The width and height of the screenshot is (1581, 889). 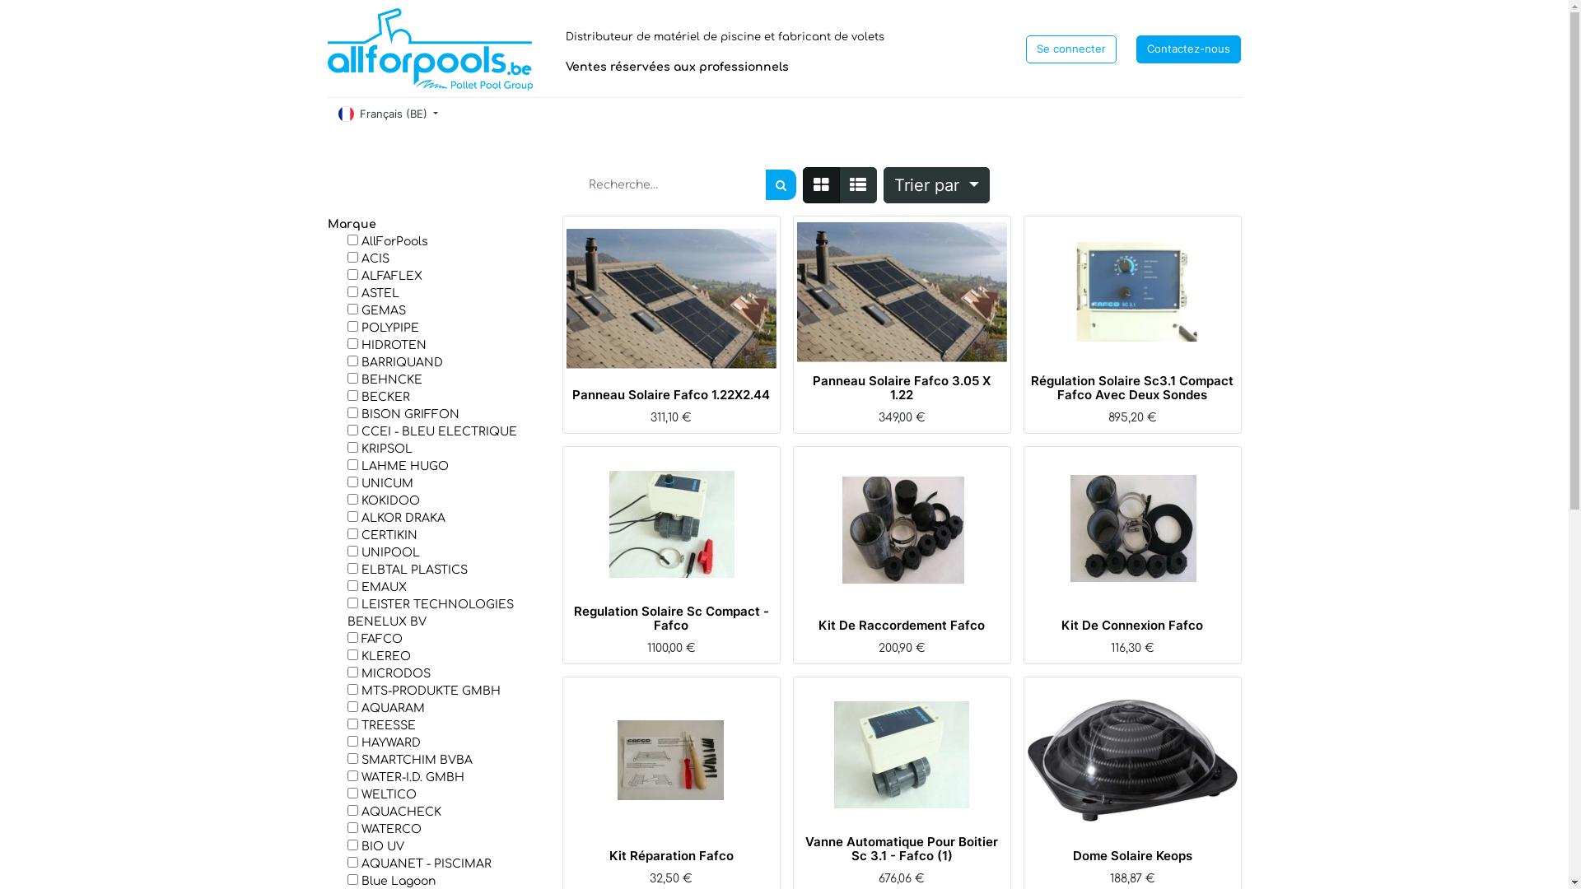 I want to click on 'Se connecter', so click(x=1070, y=49).